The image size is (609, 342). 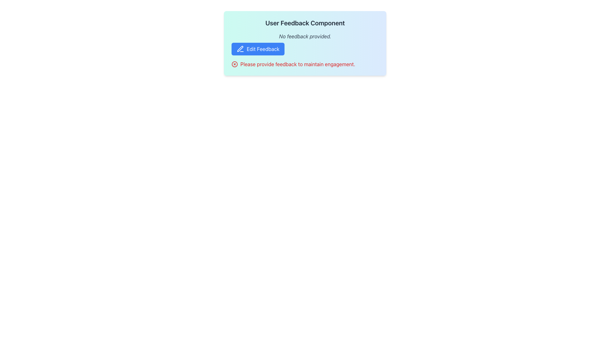 I want to click on the stylized pen or pencil icon within the 'Edit Feedback' button, located at the top-left corner of the user feedback card, so click(x=240, y=48).